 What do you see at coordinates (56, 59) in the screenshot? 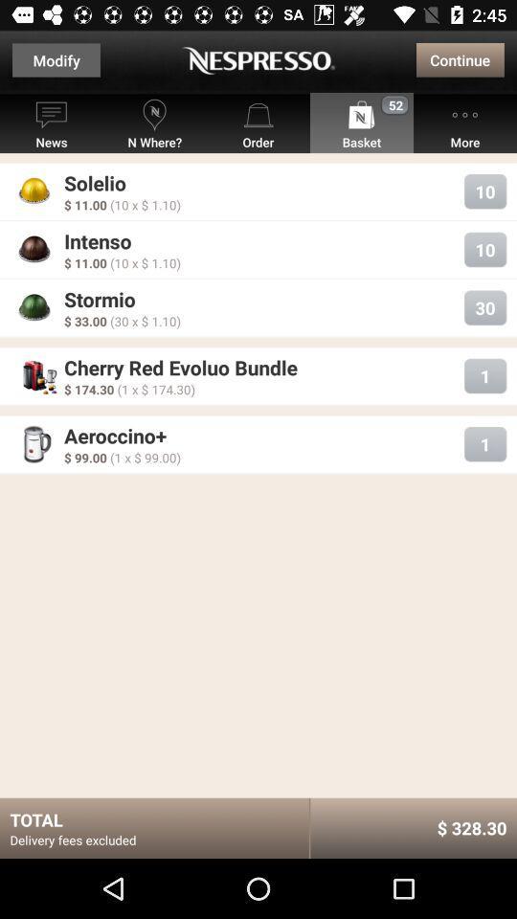
I see `the modify button on the web page` at bounding box center [56, 59].